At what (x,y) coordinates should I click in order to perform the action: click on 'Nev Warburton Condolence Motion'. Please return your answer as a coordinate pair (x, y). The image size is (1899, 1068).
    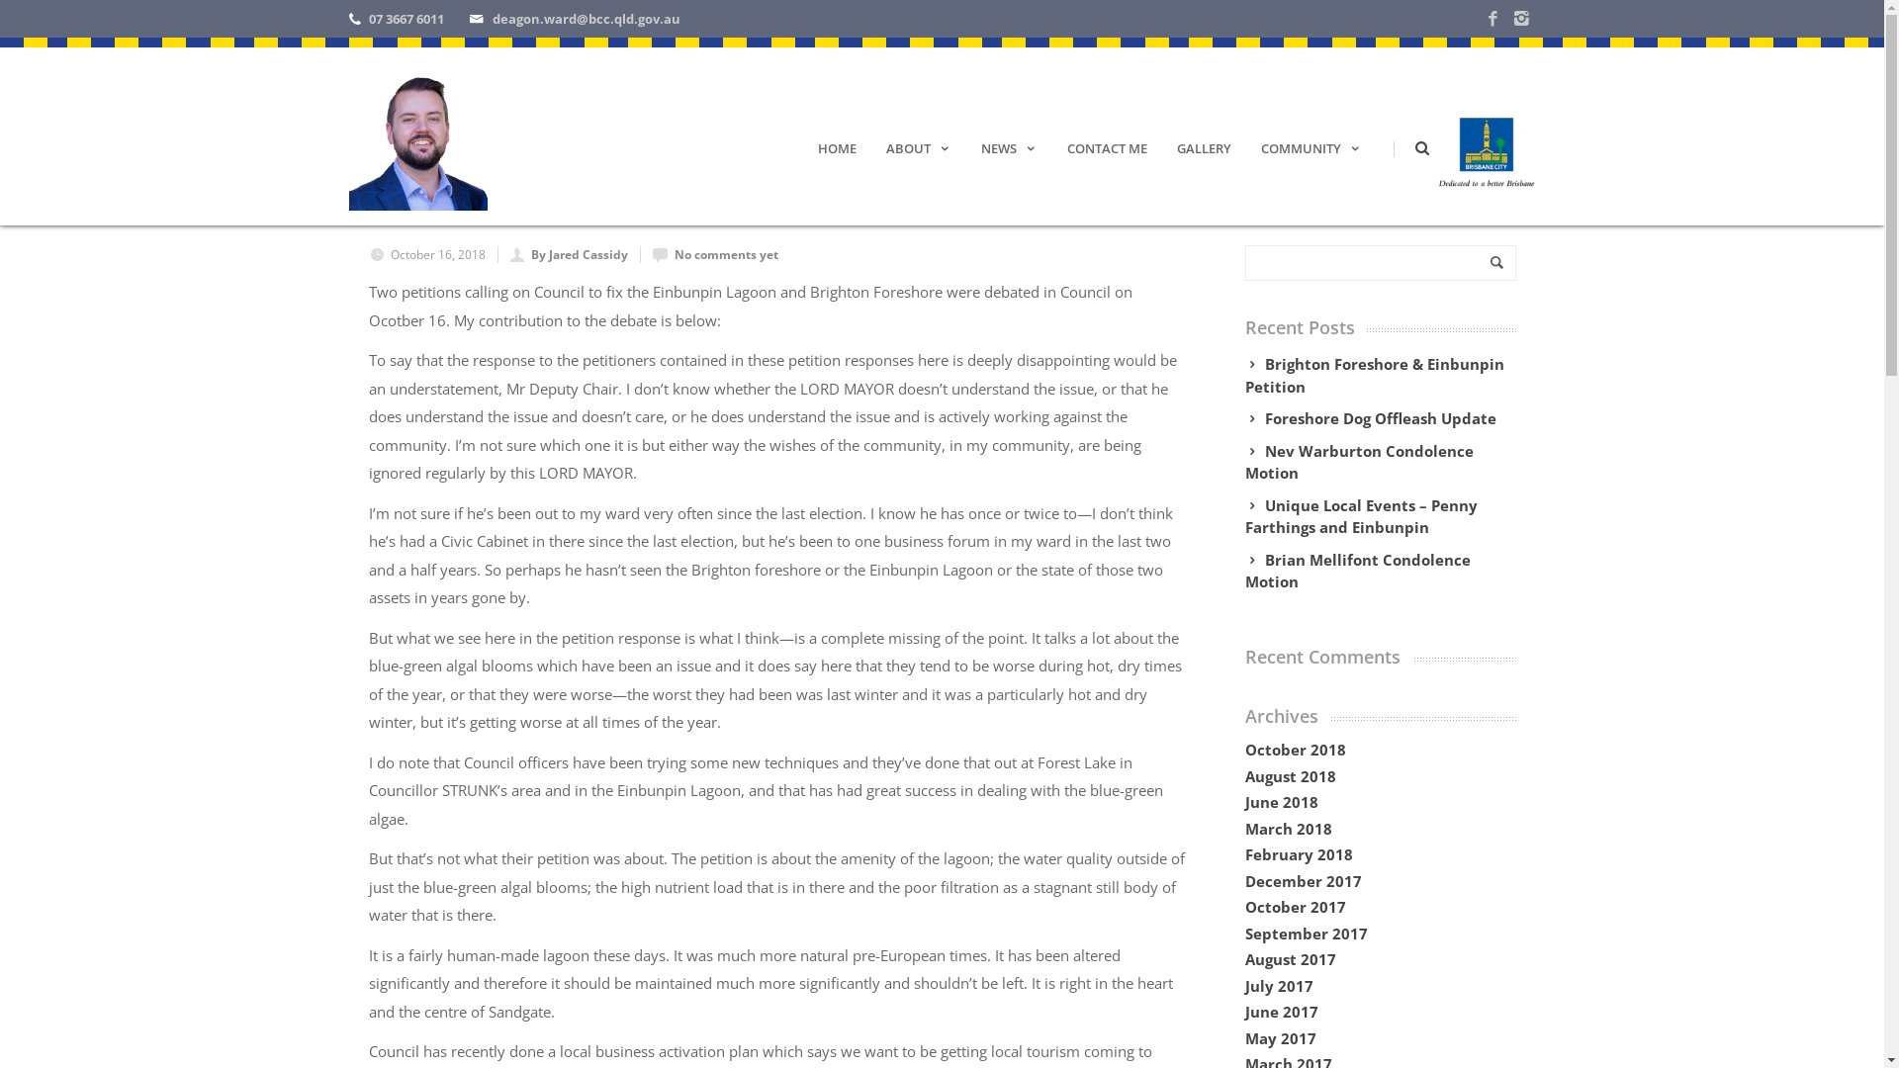
    Looking at the image, I should click on (1242, 462).